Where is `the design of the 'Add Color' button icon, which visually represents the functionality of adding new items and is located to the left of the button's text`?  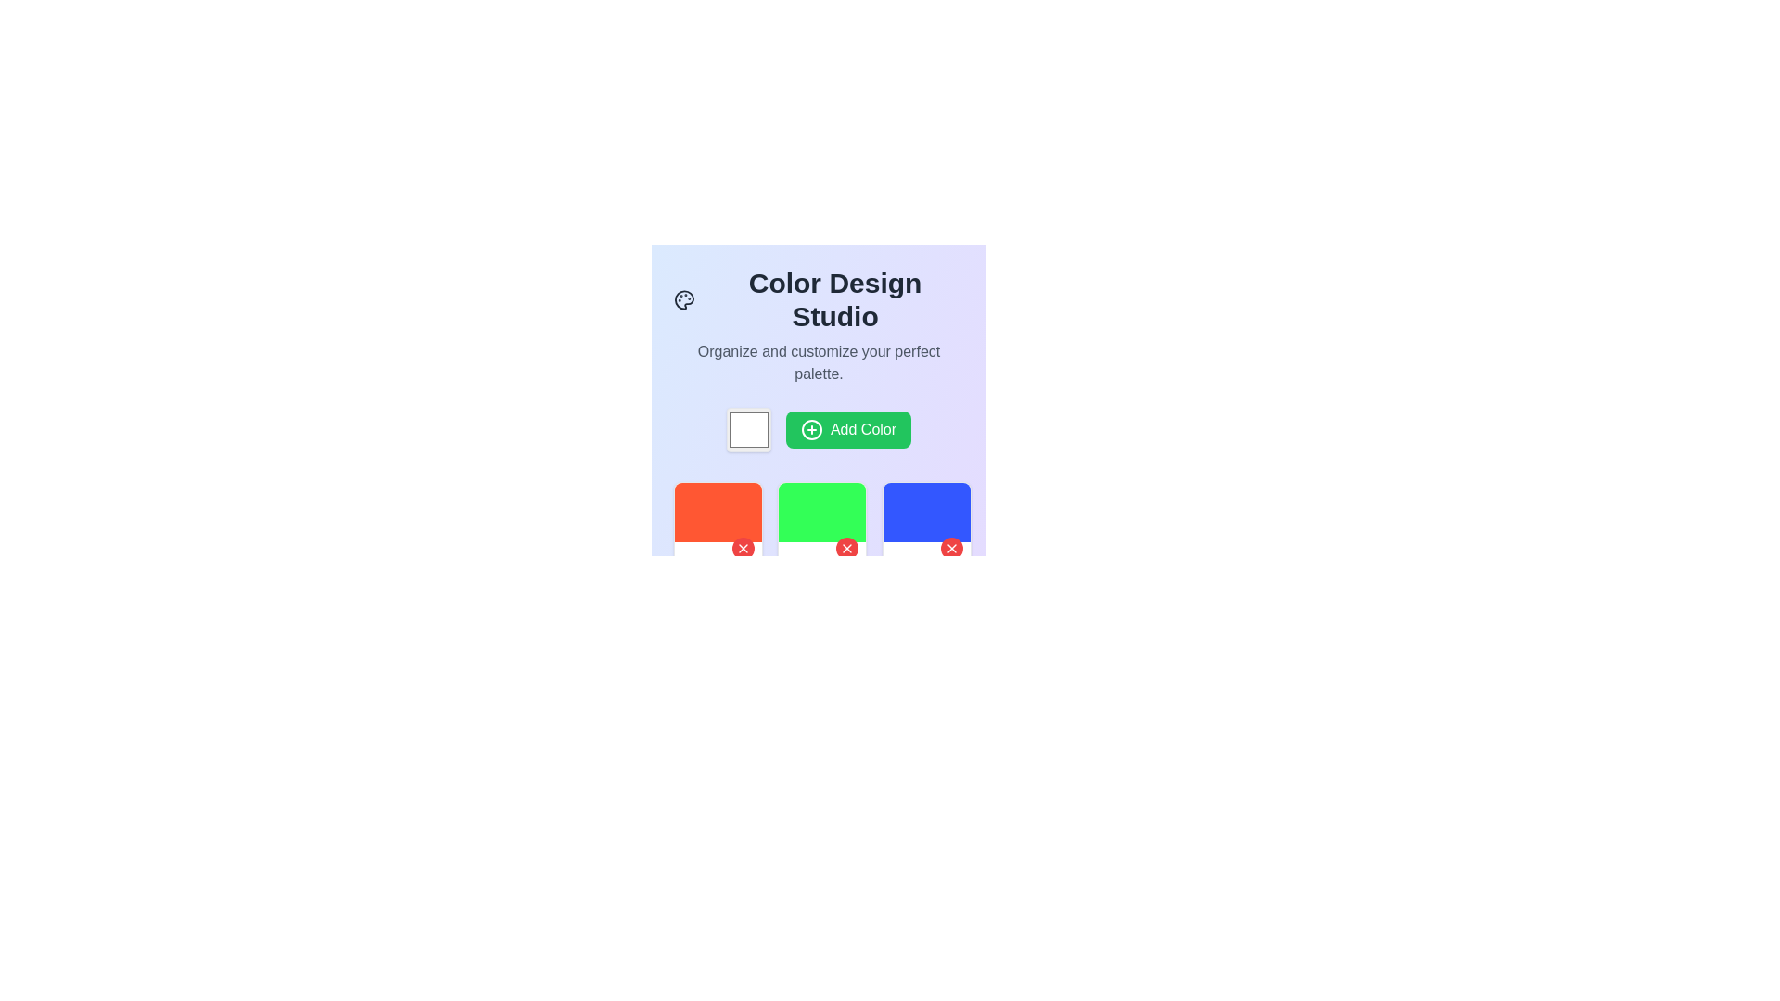
the design of the 'Add Color' button icon, which visually represents the functionality of adding new items and is located to the left of the button's text is located at coordinates (811, 429).